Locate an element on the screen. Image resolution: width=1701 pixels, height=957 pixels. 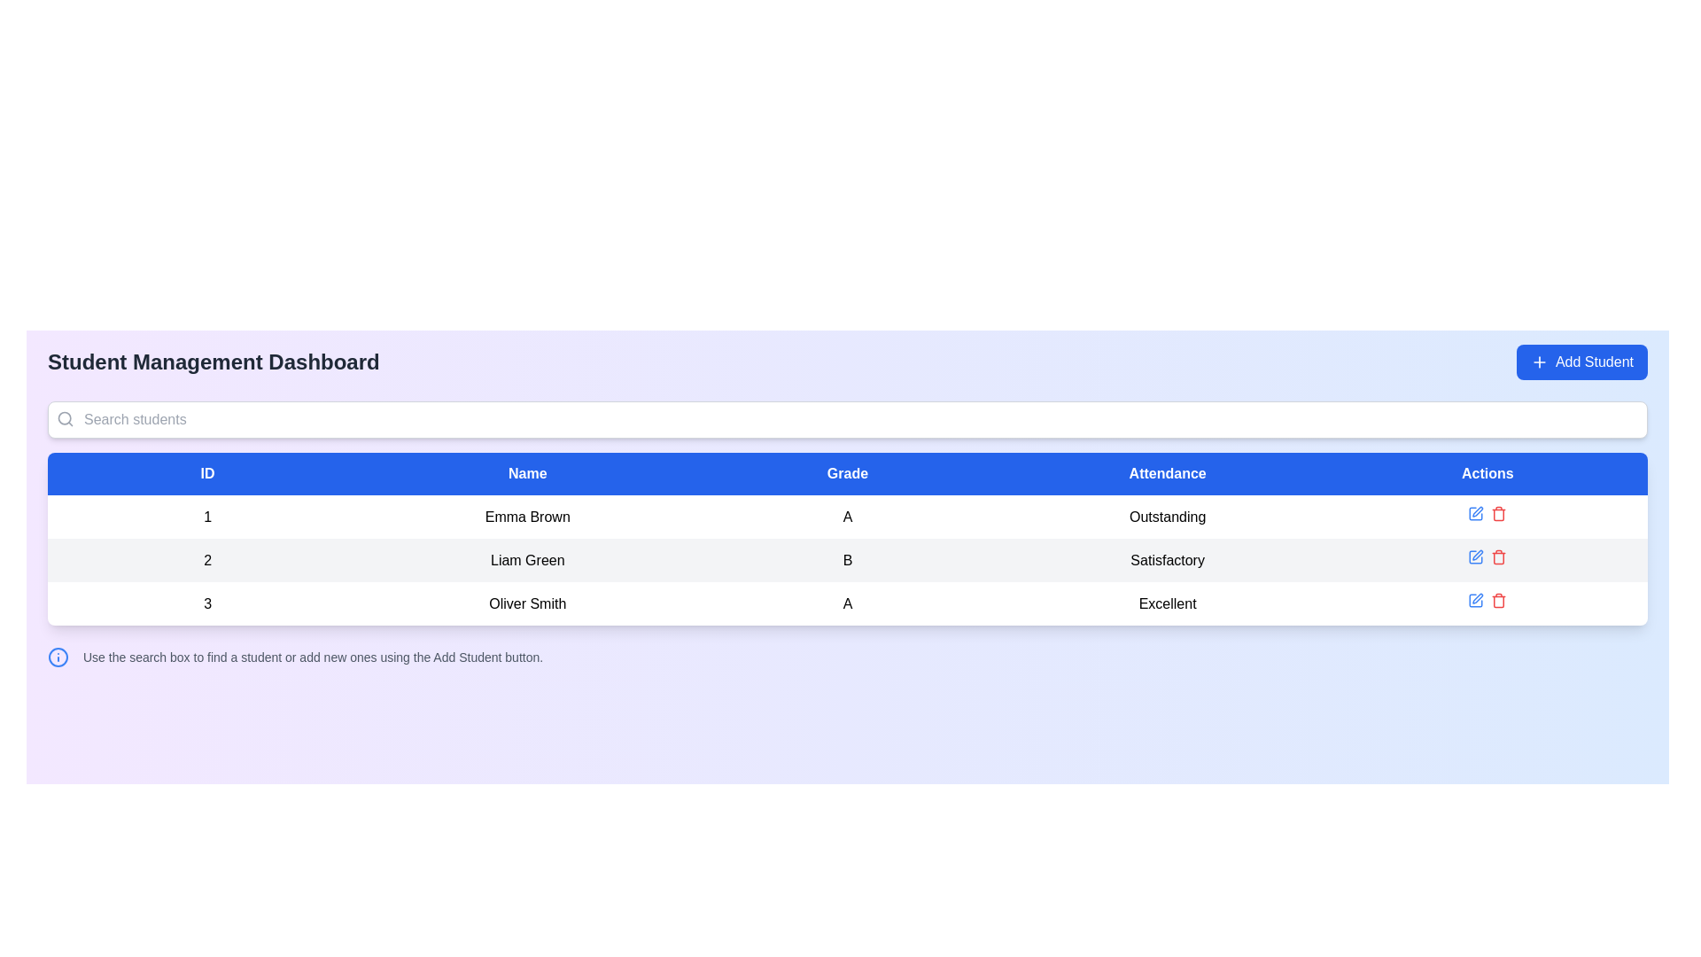
the third cell under the 'Grade' column that indicates the grade of the student named 'Oliver Smith' is located at coordinates (846, 603).